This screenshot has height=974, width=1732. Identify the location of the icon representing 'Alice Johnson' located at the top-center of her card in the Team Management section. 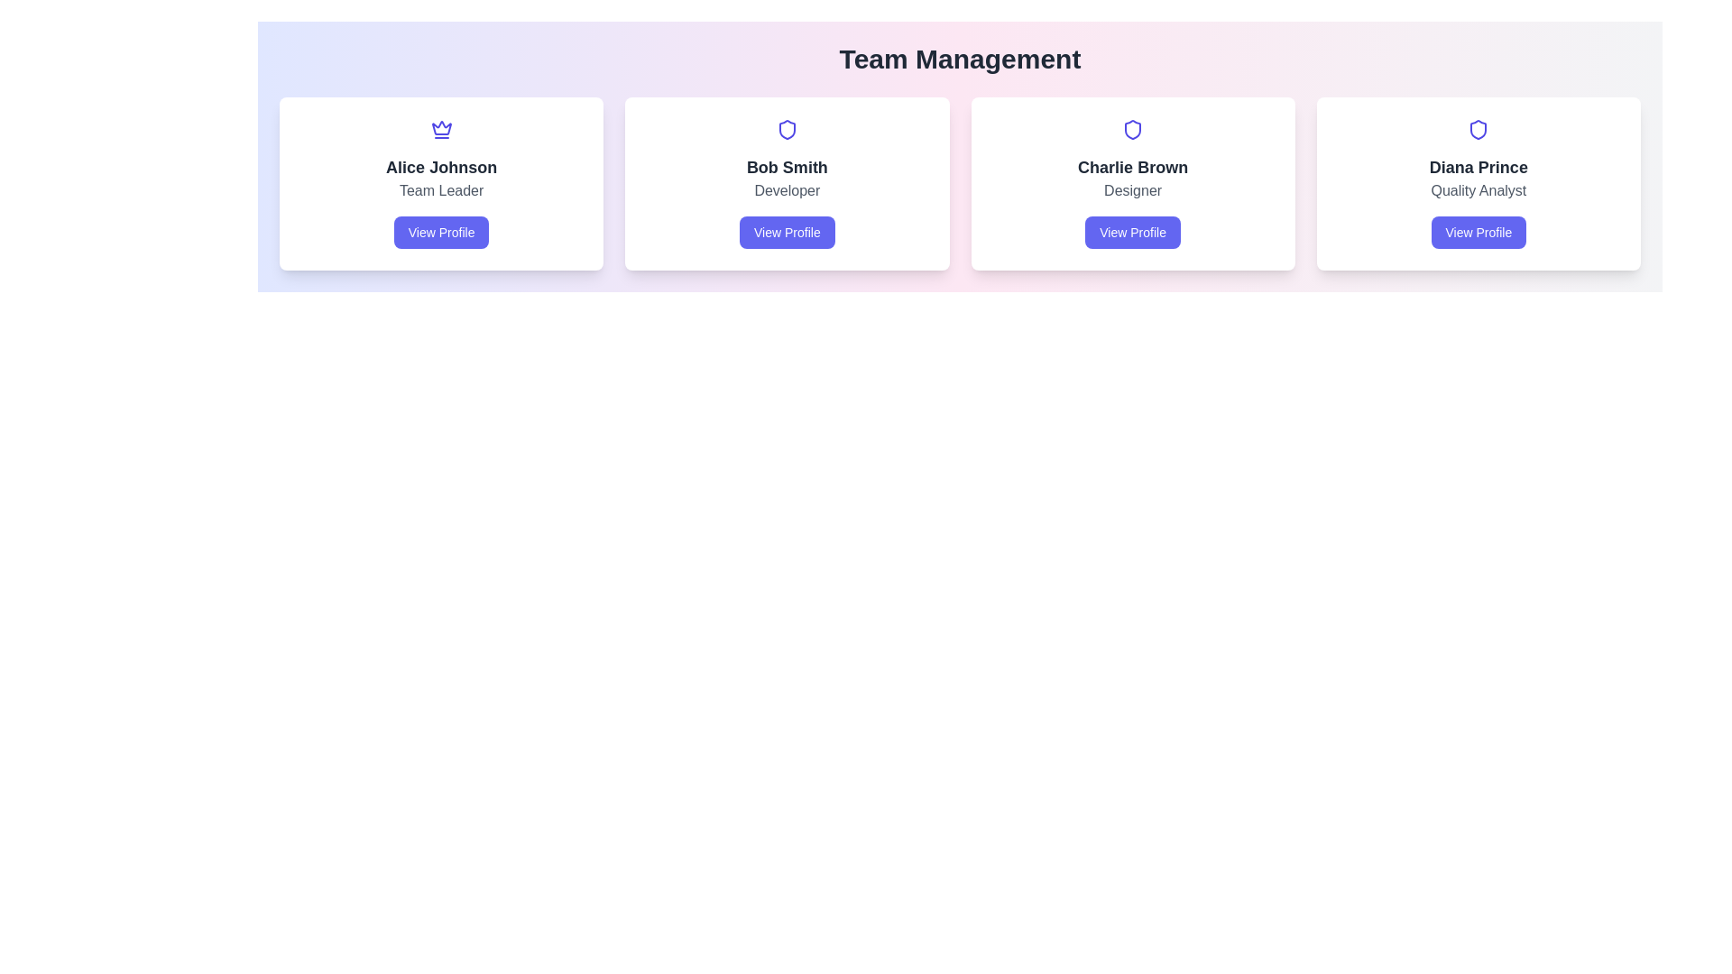
(441, 127).